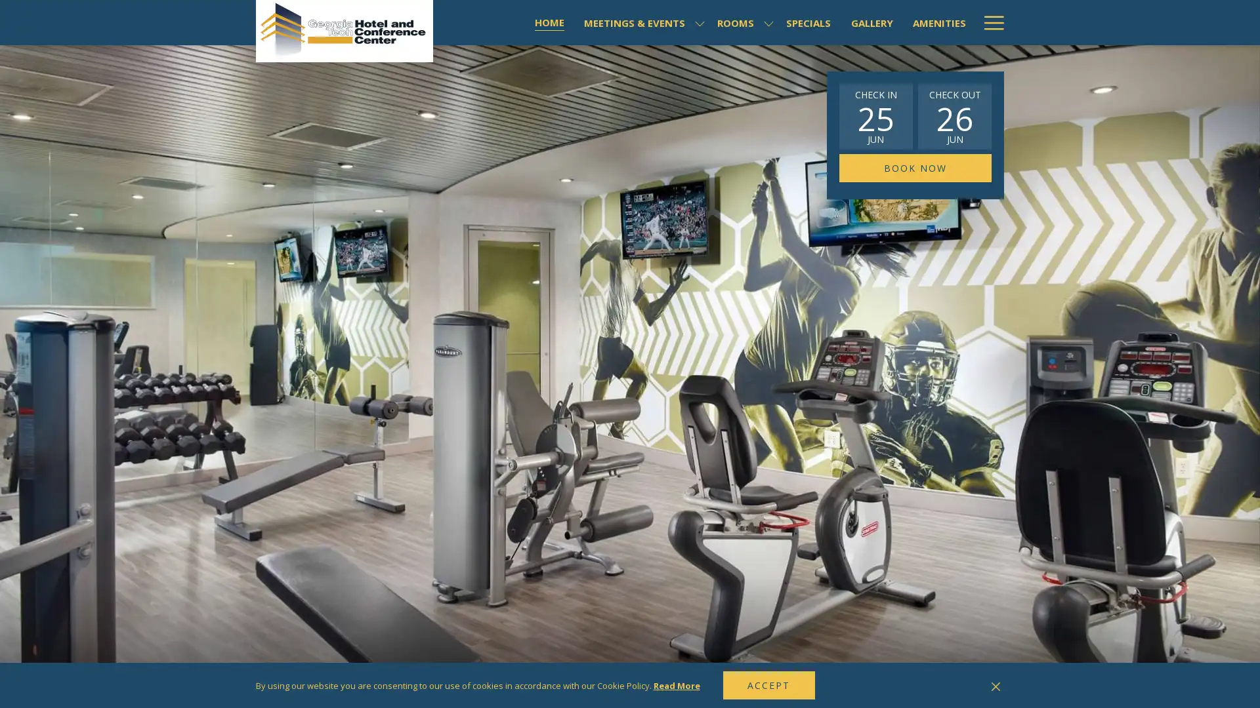 The image size is (1260, 708). What do you see at coordinates (964, 686) in the screenshot?
I see `Go to previous slideshow element` at bounding box center [964, 686].